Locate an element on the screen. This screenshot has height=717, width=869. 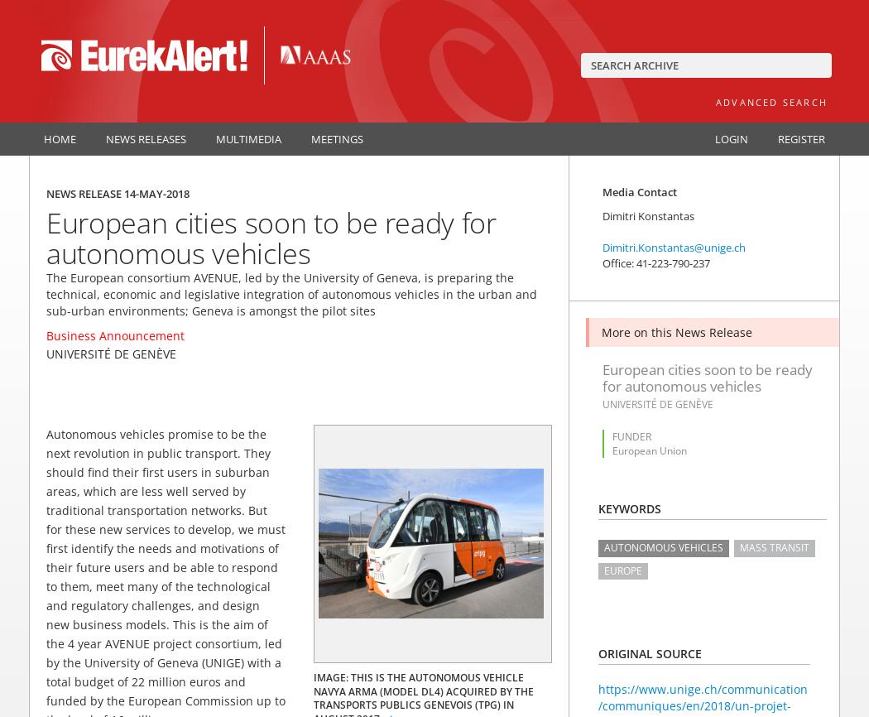
'Home' is located at coordinates (59, 137).